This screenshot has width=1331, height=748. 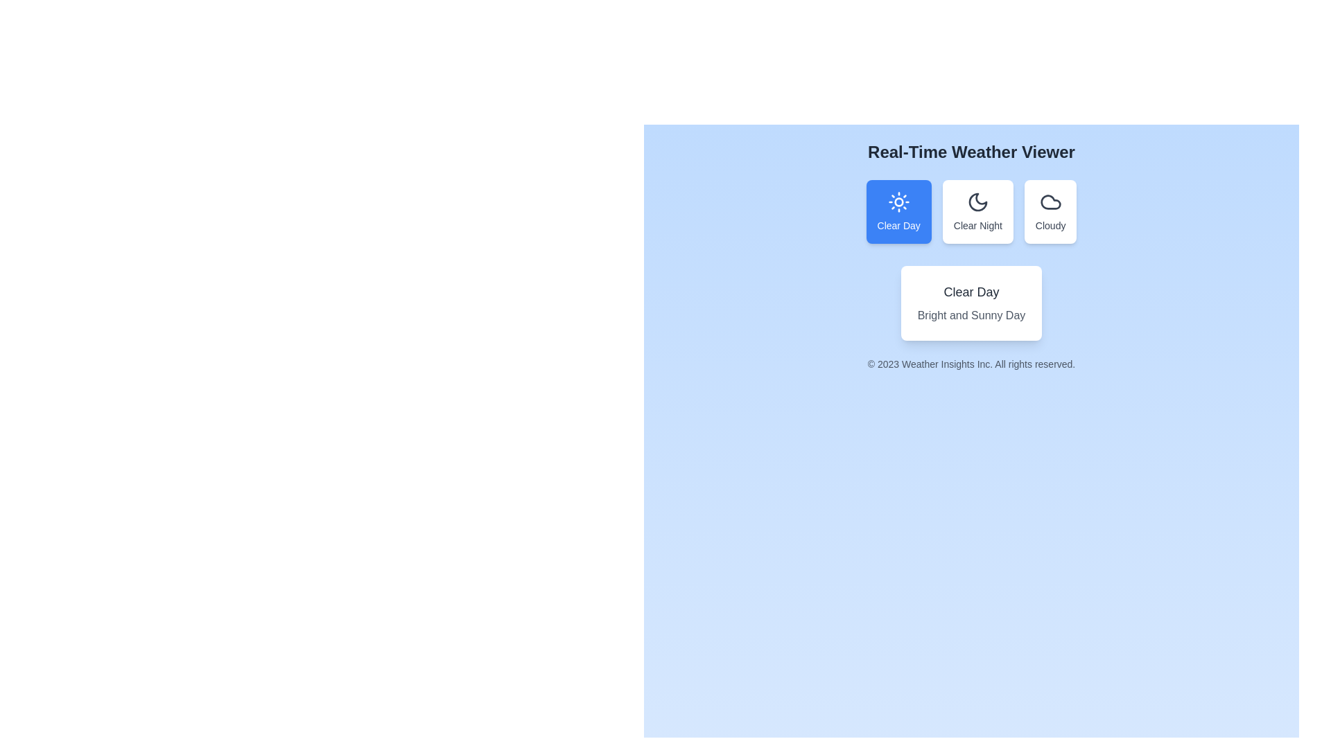 What do you see at coordinates (1050, 202) in the screenshot?
I see `the cloud icon, which is the top sub-component of the 'Cloudy' weather option in the 'Real-Time Weather Viewer' section` at bounding box center [1050, 202].